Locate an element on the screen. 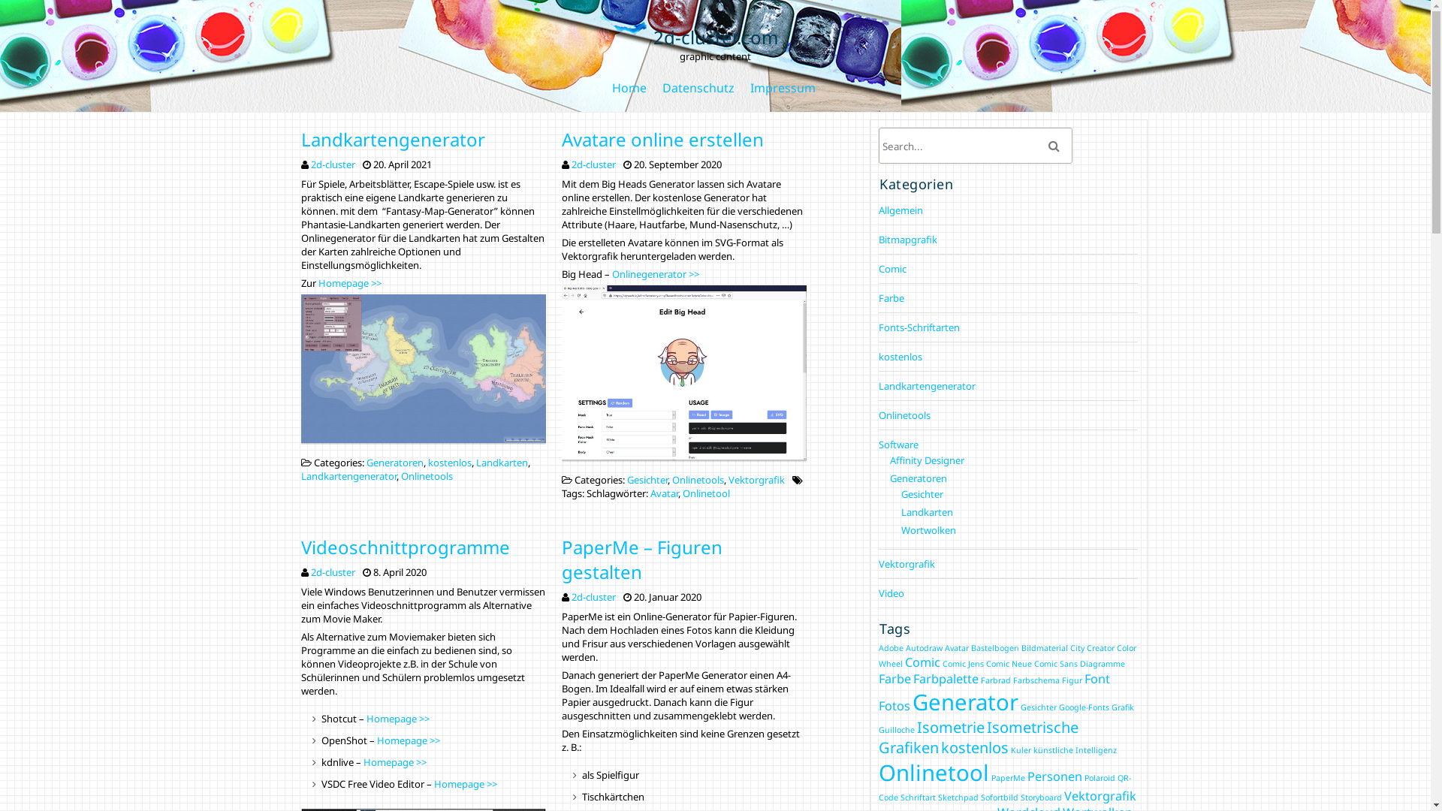  'Landkartengenerator' is located at coordinates (392, 139).